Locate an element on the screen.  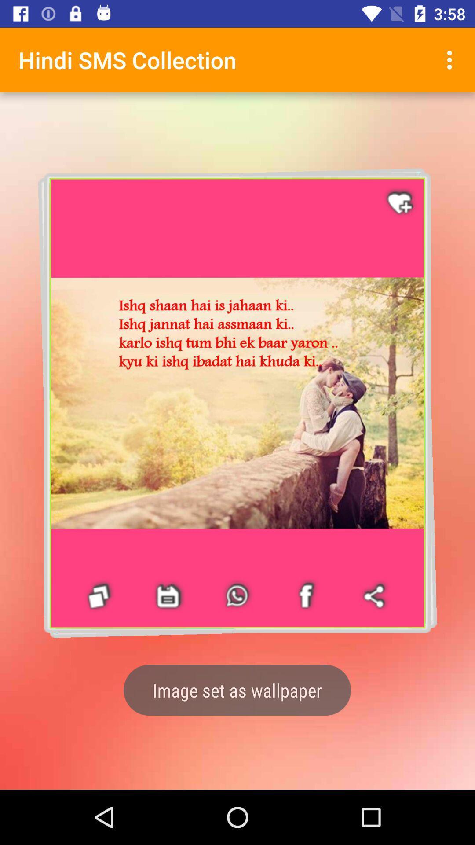
the save icon is located at coordinates (173, 598).